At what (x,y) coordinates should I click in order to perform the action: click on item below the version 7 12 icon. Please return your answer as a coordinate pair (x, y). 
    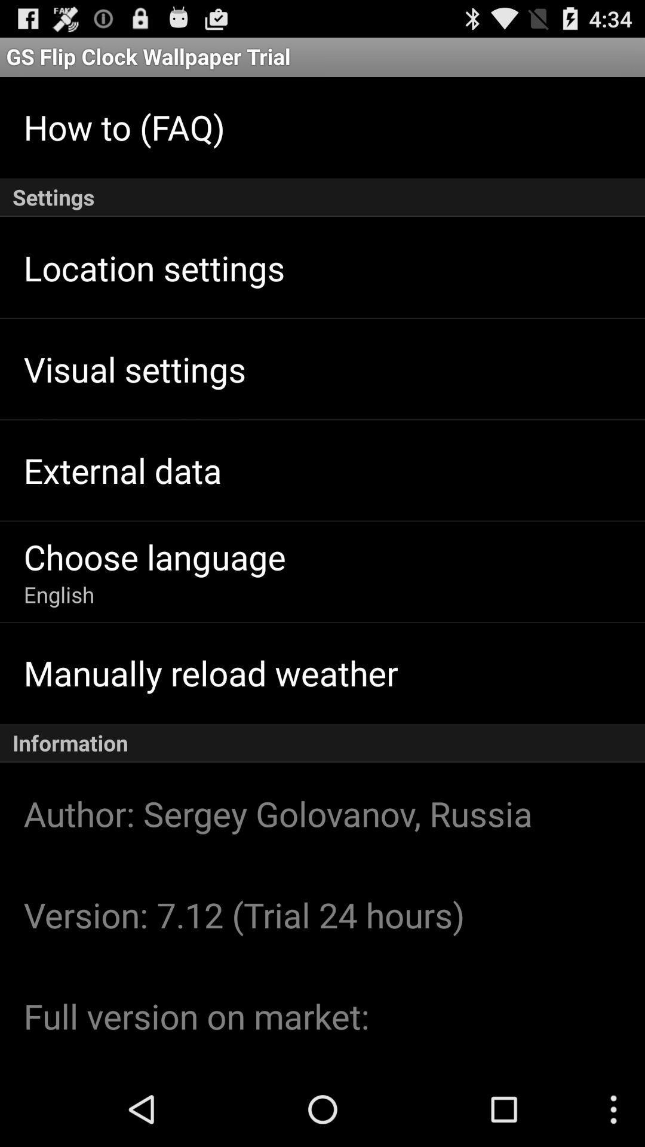
    Looking at the image, I should click on (196, 1015).